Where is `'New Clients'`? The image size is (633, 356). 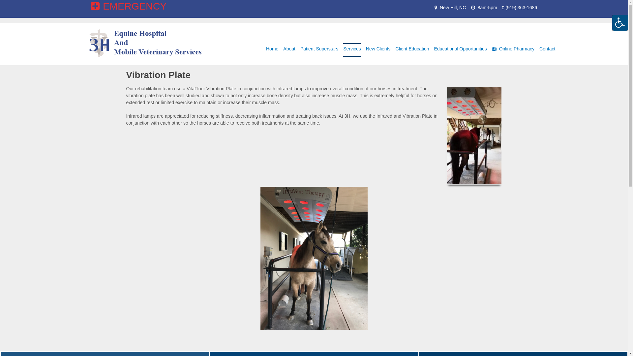
'New Clients' is located at coordinates (365, 51).